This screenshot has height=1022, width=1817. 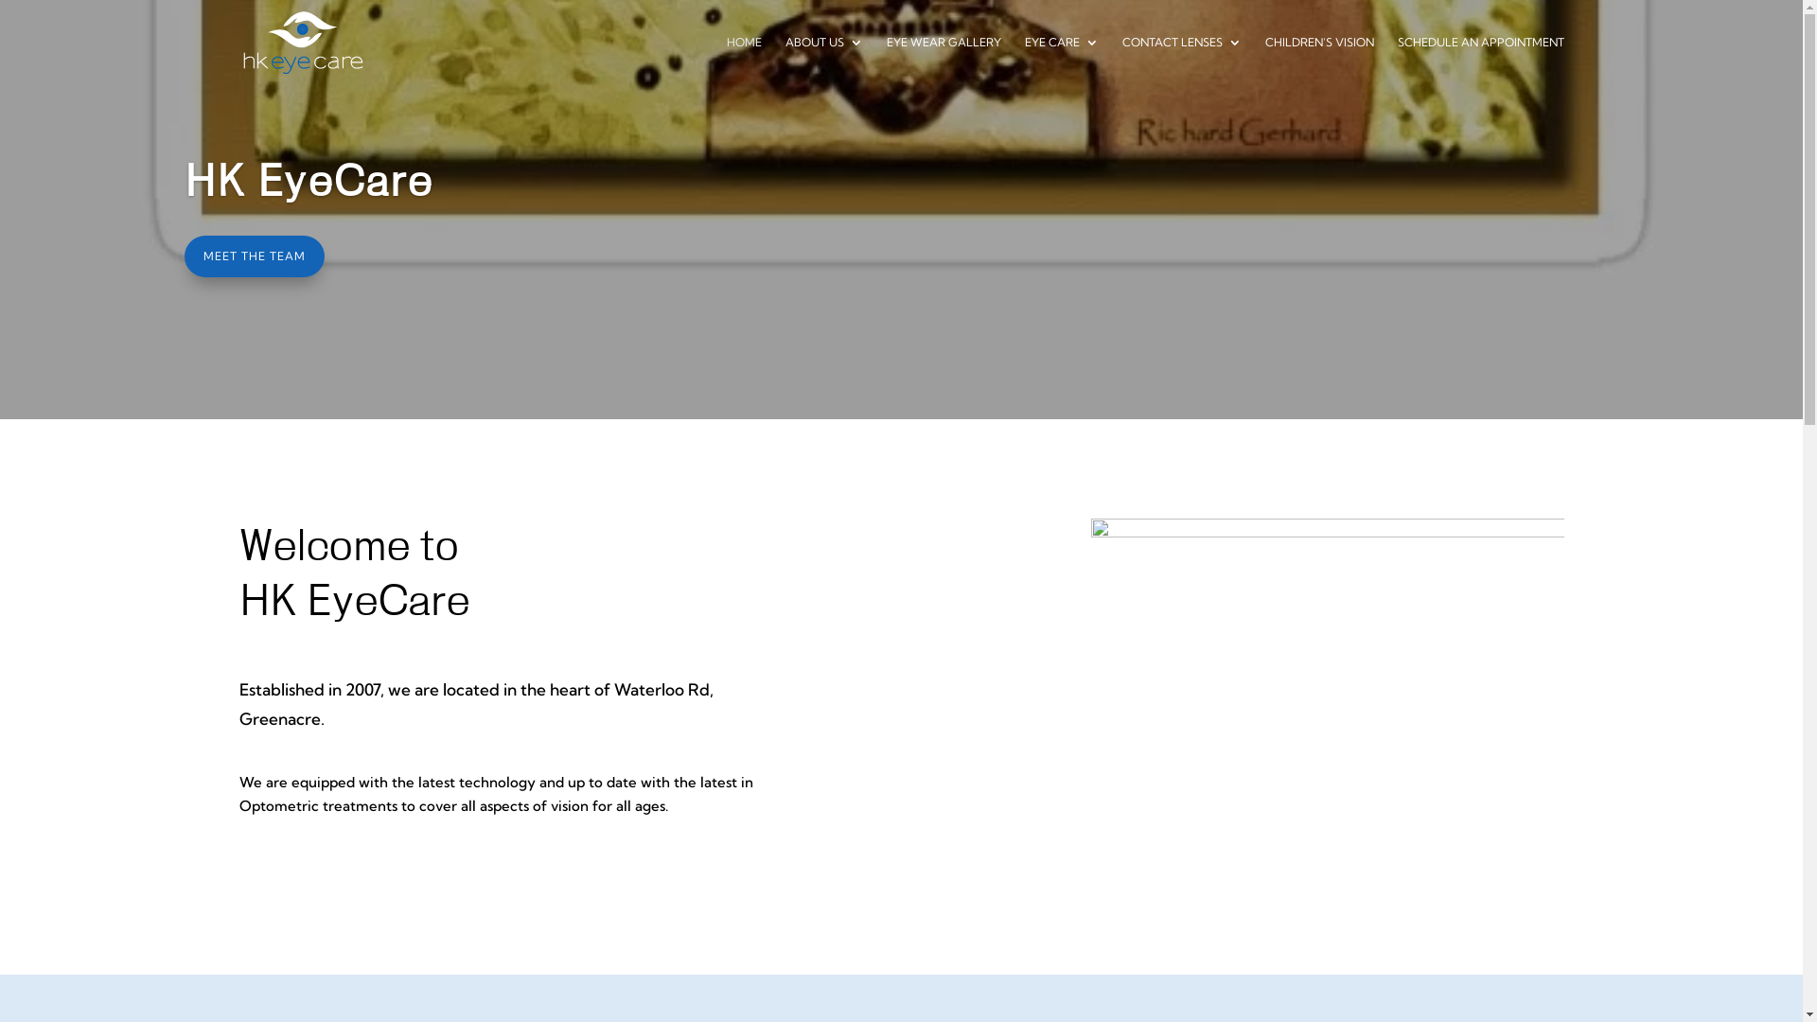 I want to click on 'HOME', so click(x=743, y=60).